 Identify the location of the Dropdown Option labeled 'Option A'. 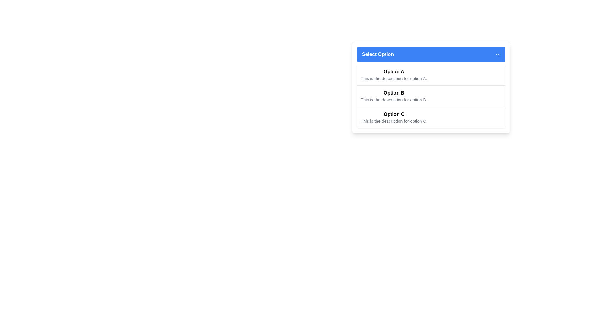
(394, 75).